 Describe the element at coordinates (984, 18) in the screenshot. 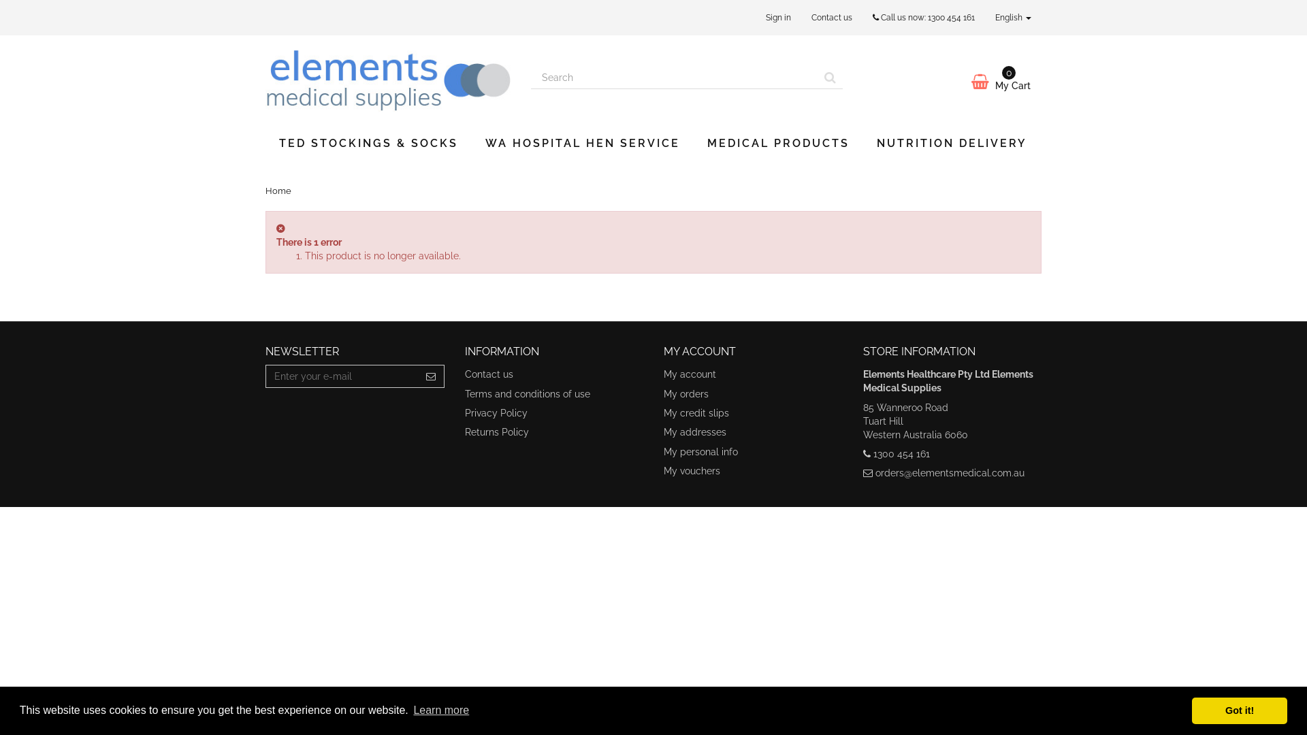

I see `'English'` at that location.